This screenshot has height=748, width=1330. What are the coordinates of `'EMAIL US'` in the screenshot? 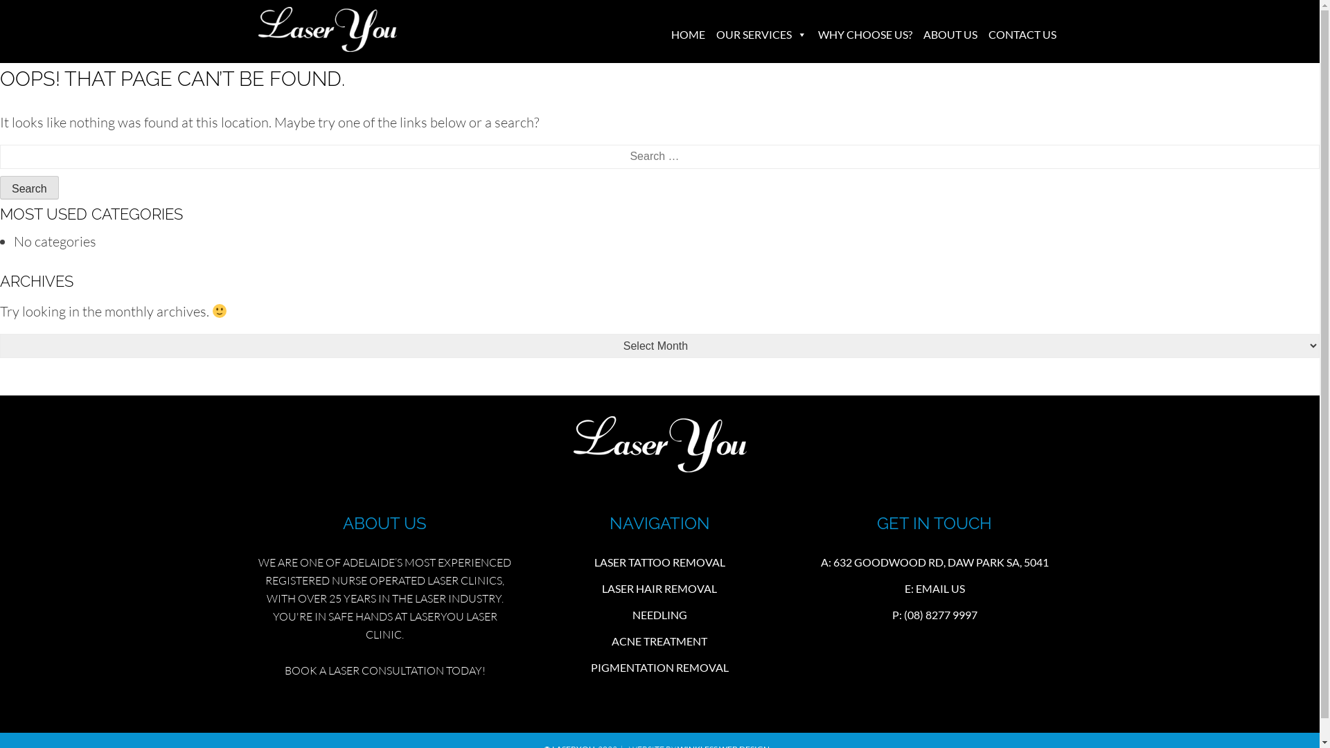 It's located at (915, 588).